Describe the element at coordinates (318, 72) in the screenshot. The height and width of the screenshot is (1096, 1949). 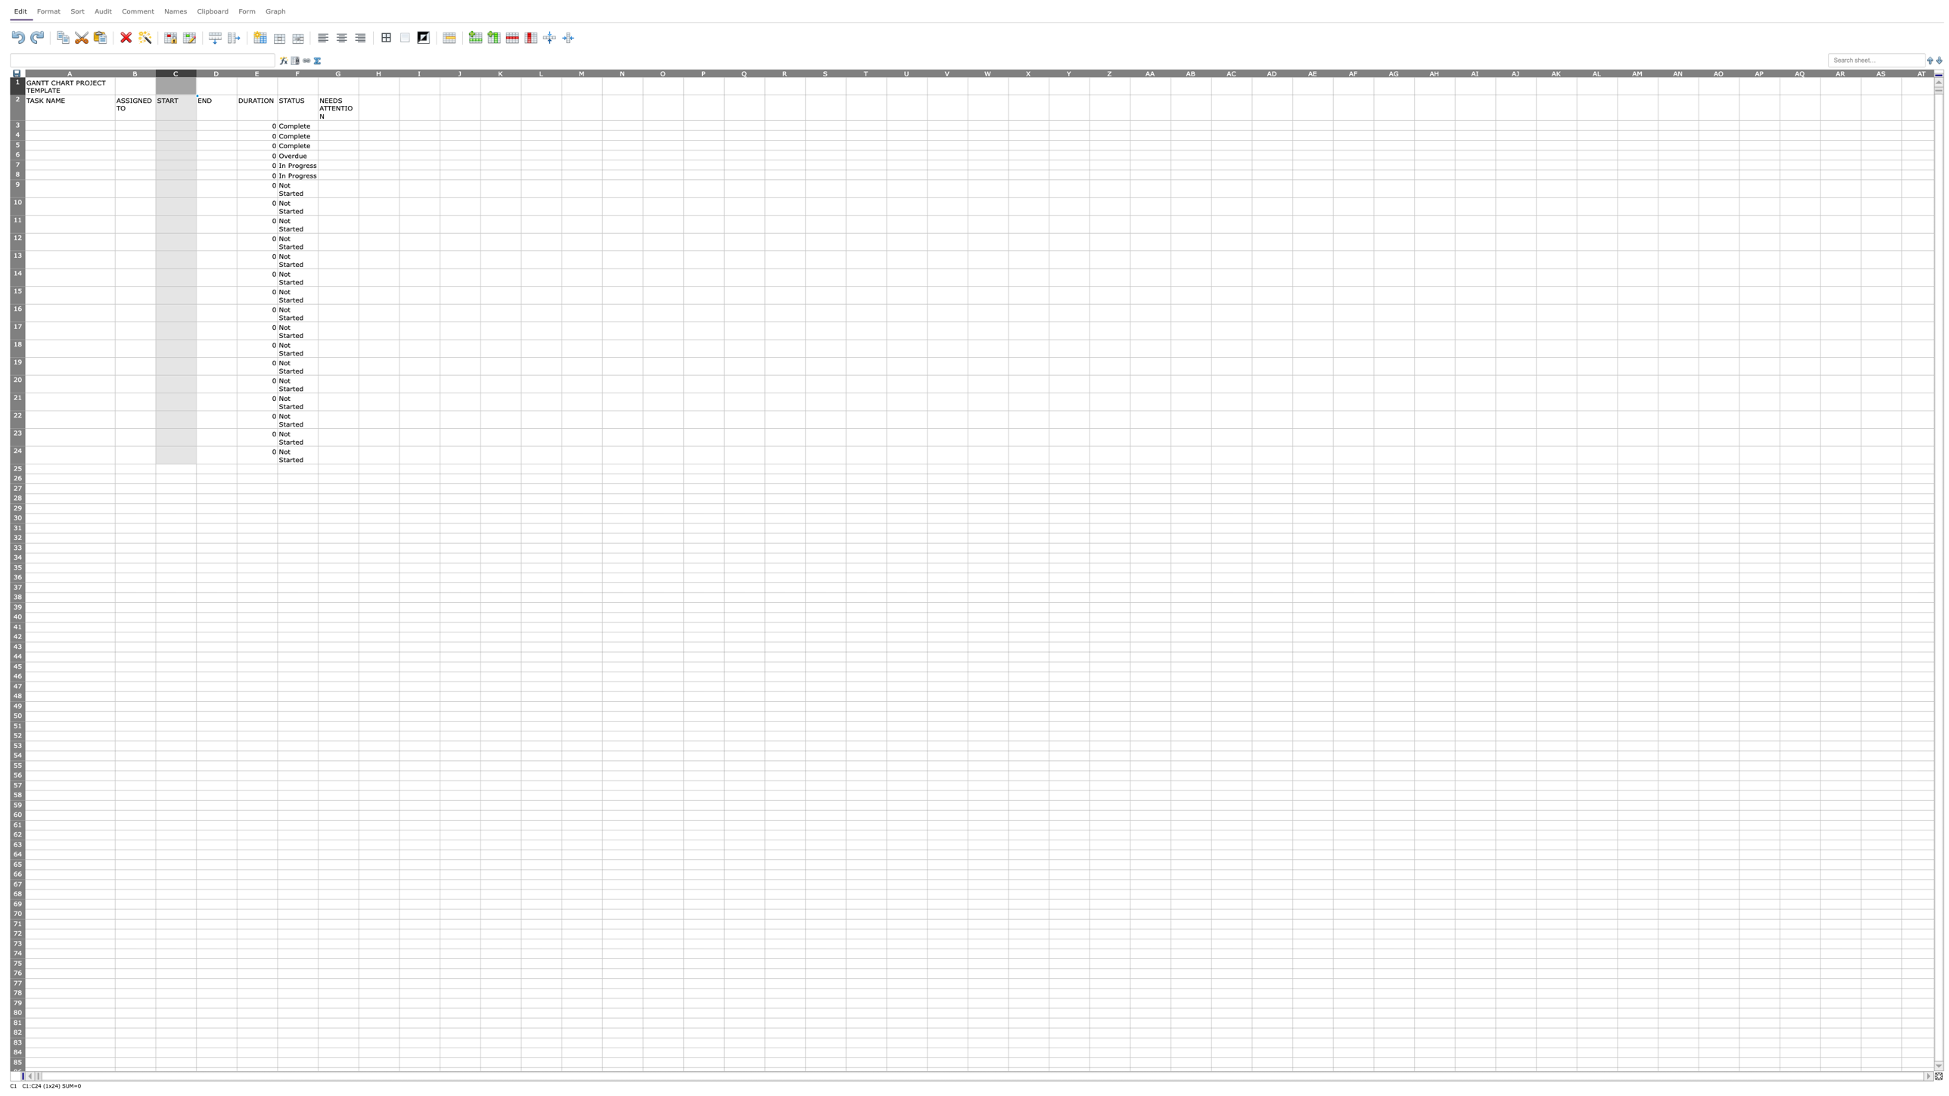
I see `the resize handle of column F` at that location.